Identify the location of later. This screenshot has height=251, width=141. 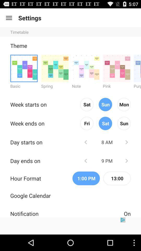
(126, 142).